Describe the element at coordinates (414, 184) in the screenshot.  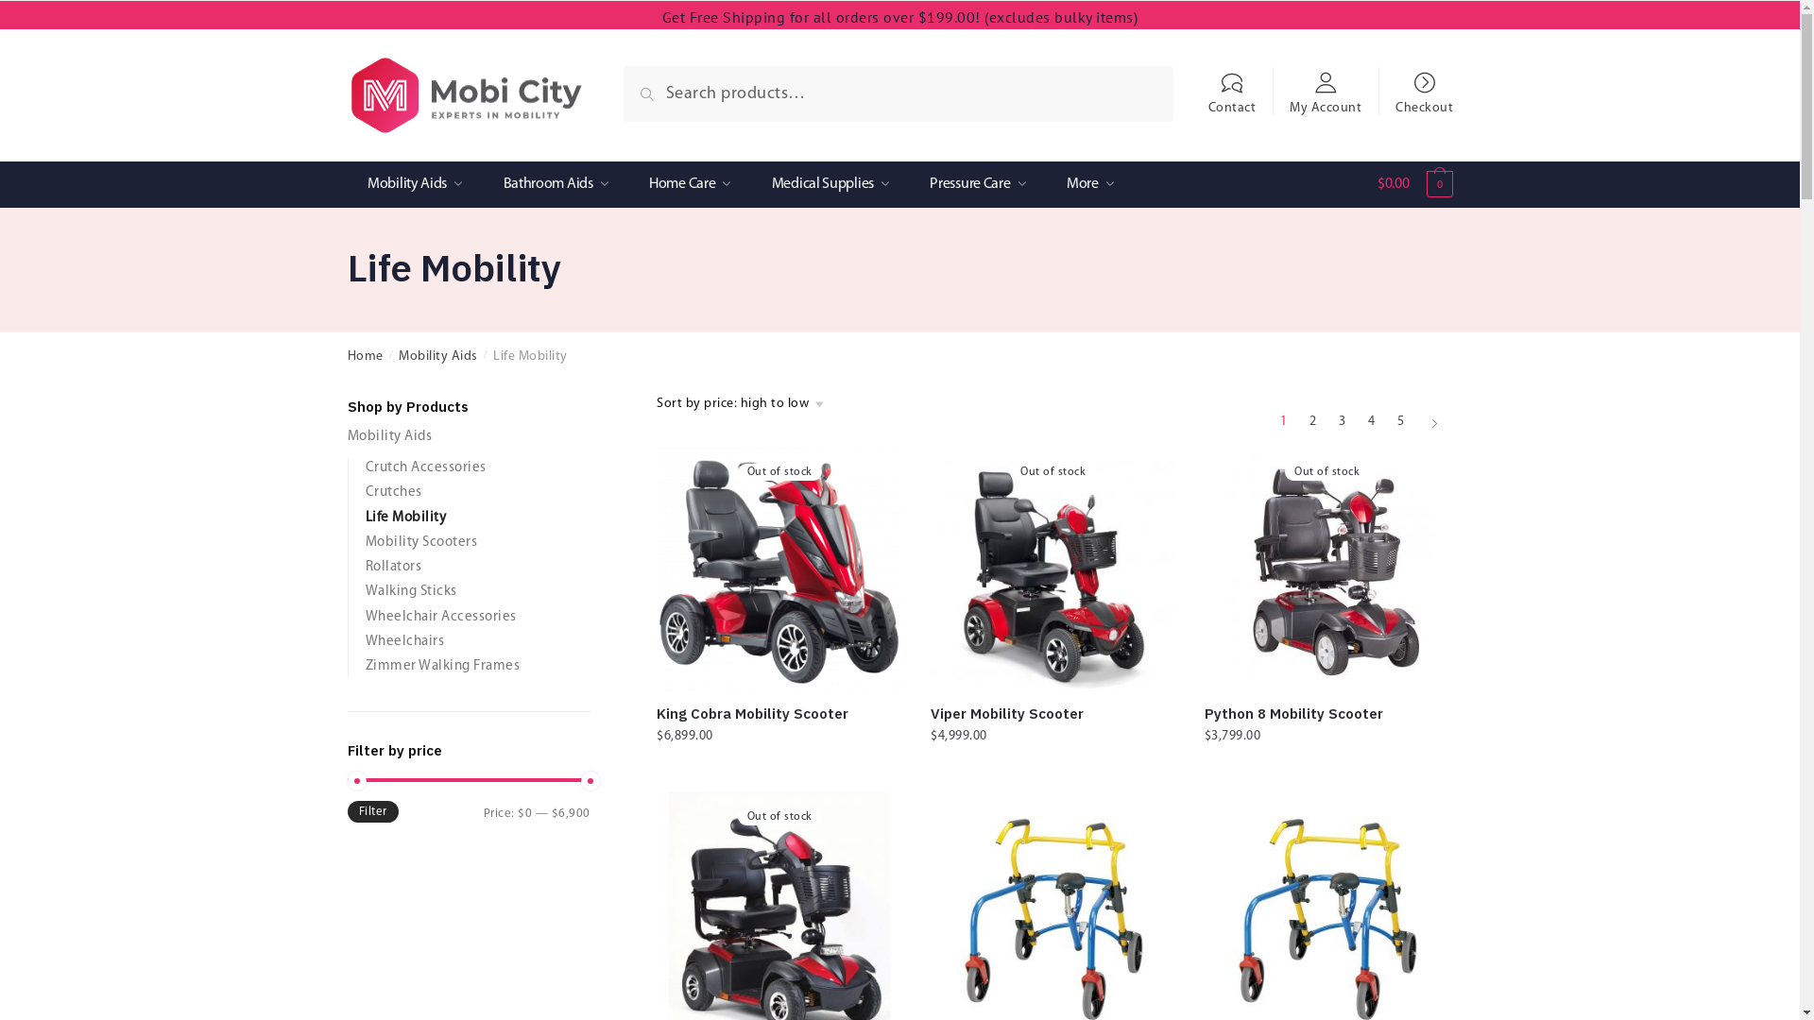
I see `'Mobility Aids'` at that location.